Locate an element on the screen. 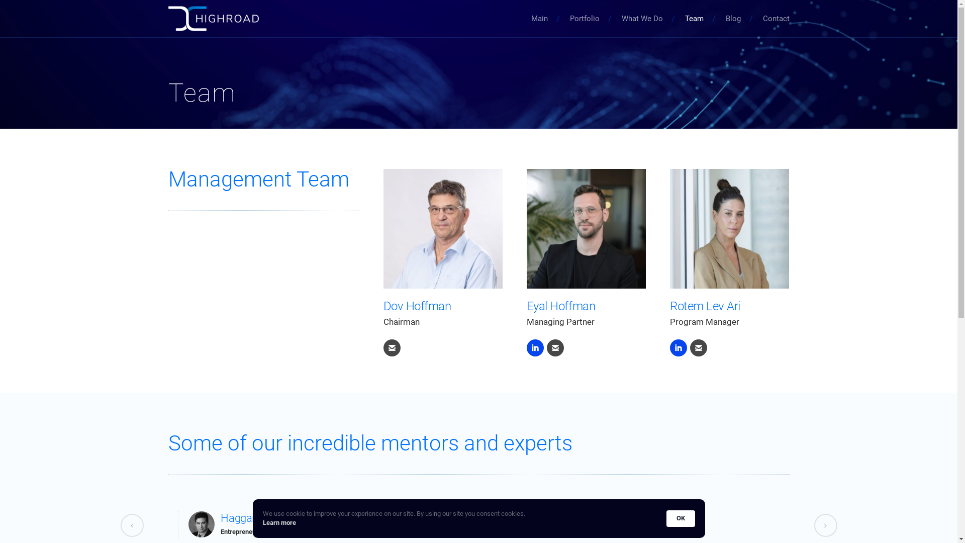 The width and height of the screenshot is (965, 543). 'Contact' is located at coordinates (776, 19).